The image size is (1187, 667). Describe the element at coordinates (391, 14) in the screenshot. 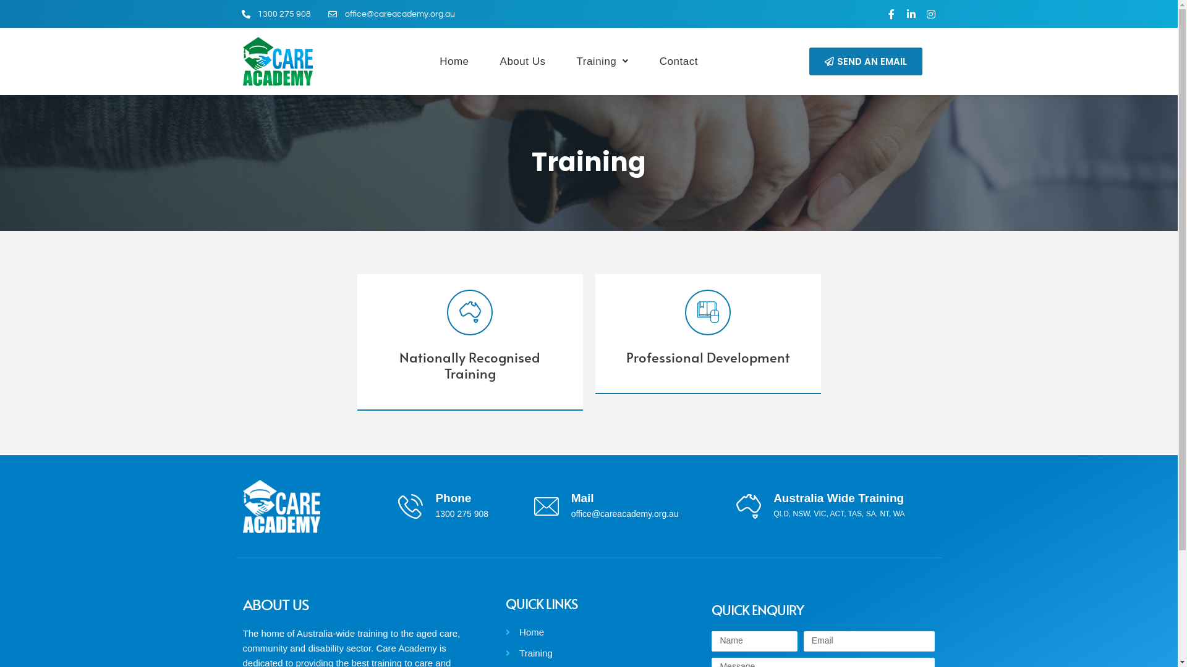

I see `'office@careacademy.org.au'` at that location.